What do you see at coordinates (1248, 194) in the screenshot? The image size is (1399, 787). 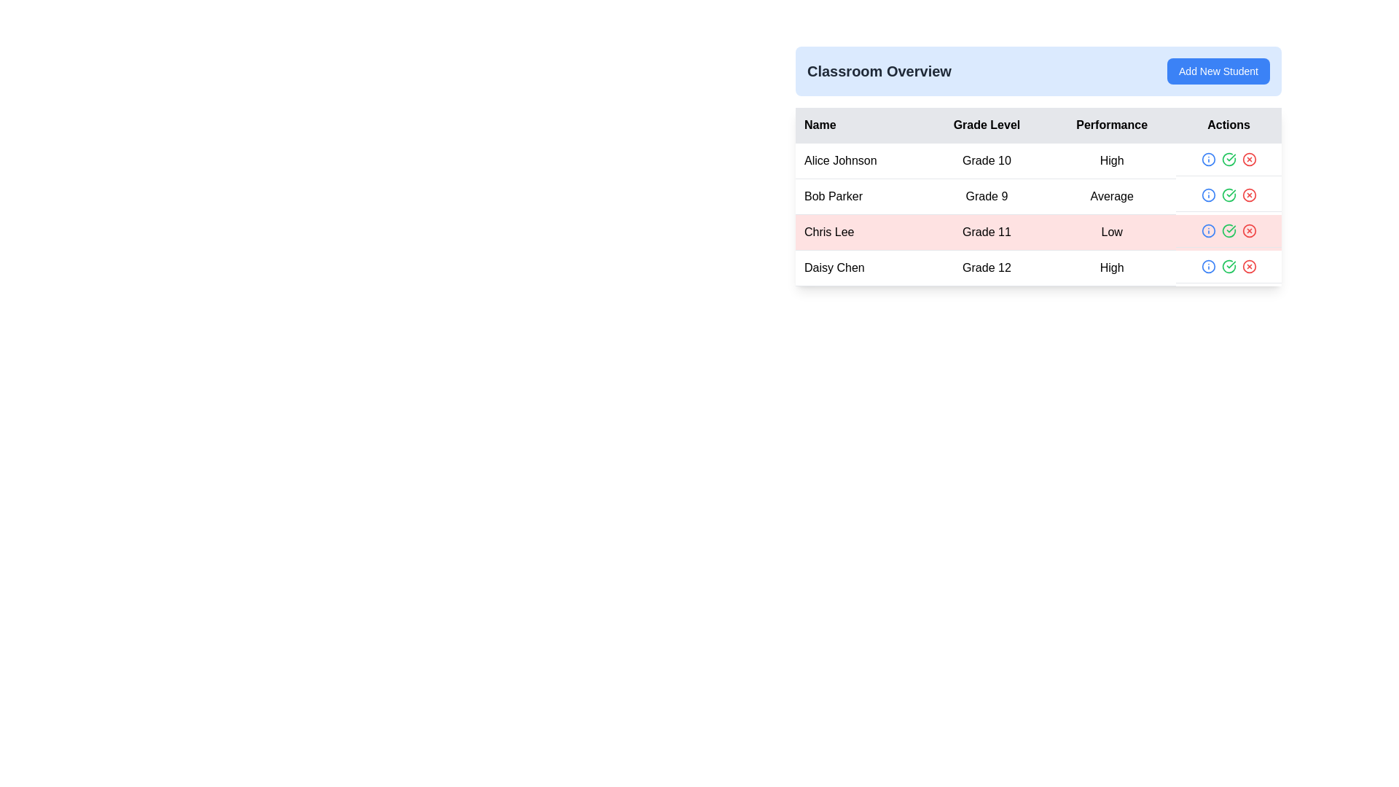 I see `the delete button icon located in the 'Actions' column for the 'Bob Parker' row in the second row of the table` at bounding box center [1248, 194].